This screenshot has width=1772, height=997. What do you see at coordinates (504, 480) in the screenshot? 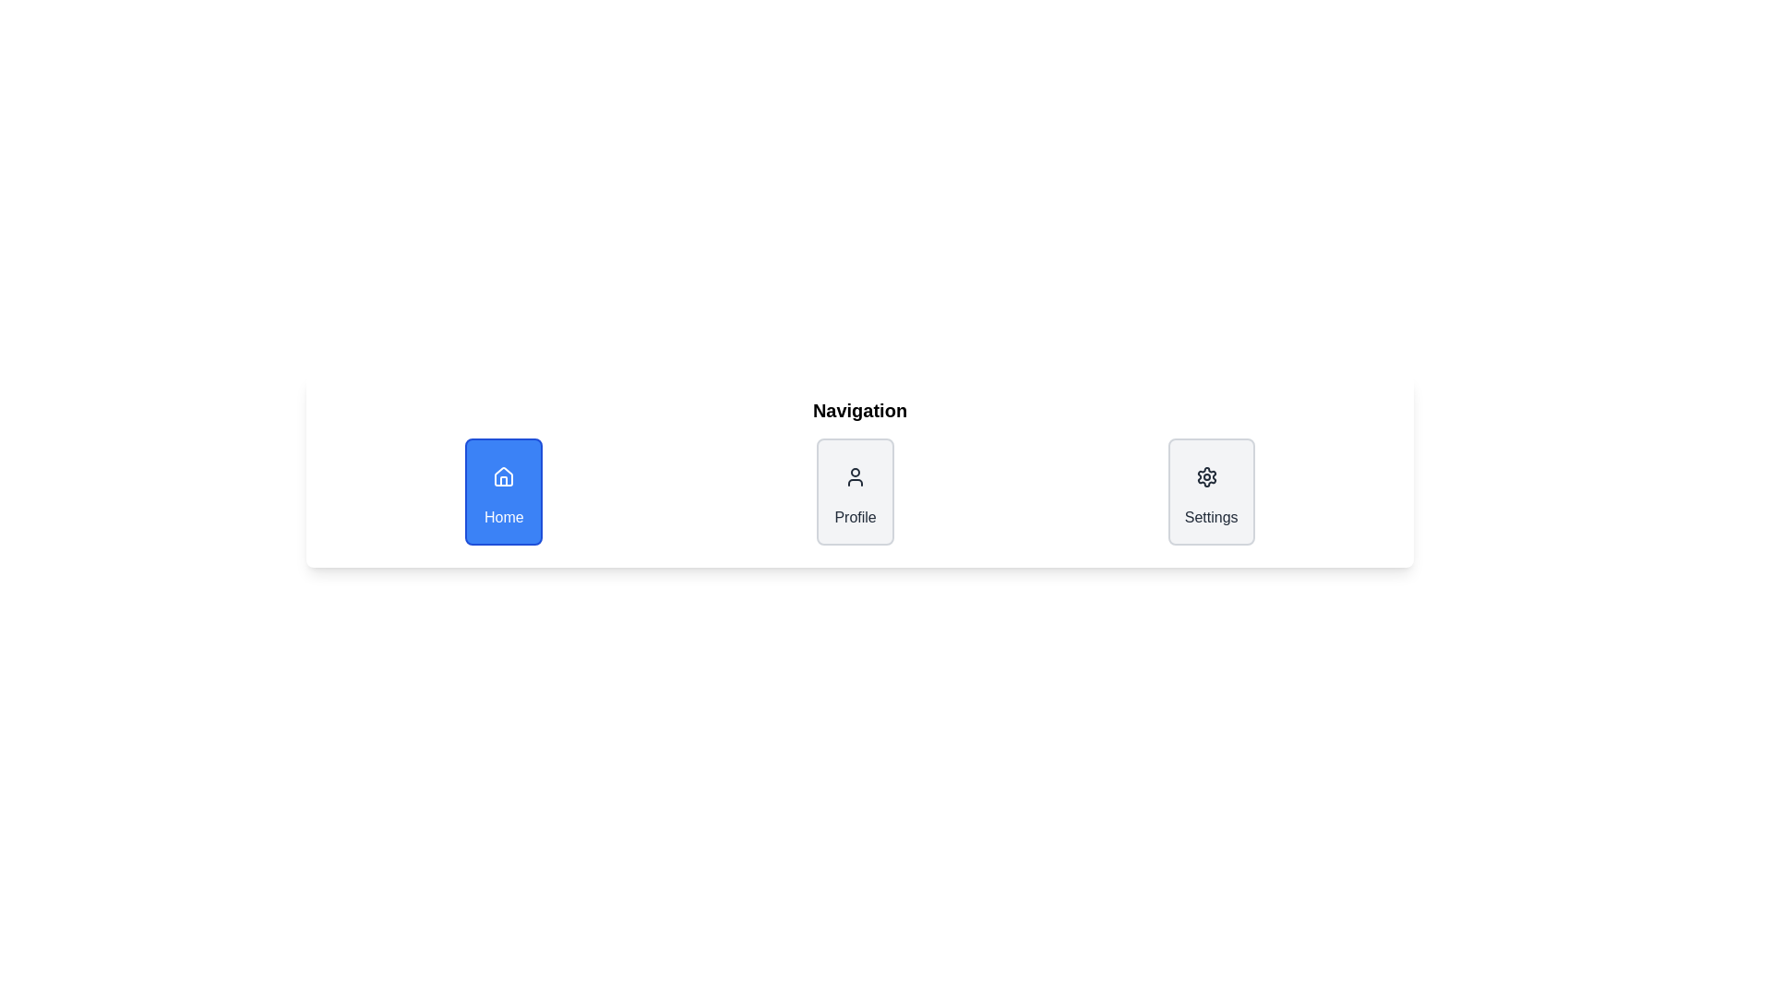
I see `the lower part of the house representation in the 'Home' icon, which is part of the navigation menu` at bounding box center [504, 480].